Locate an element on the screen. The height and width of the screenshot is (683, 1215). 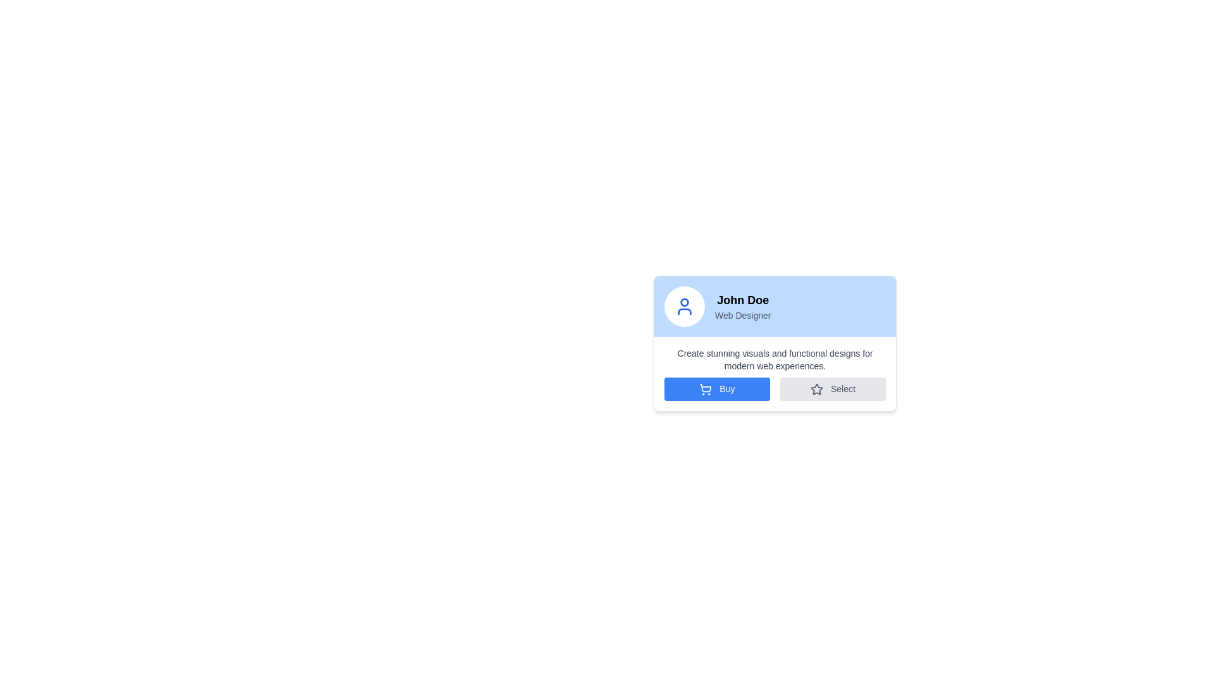
the star icon located to the left of the 'Select' button is located at coordinates (817, 389).